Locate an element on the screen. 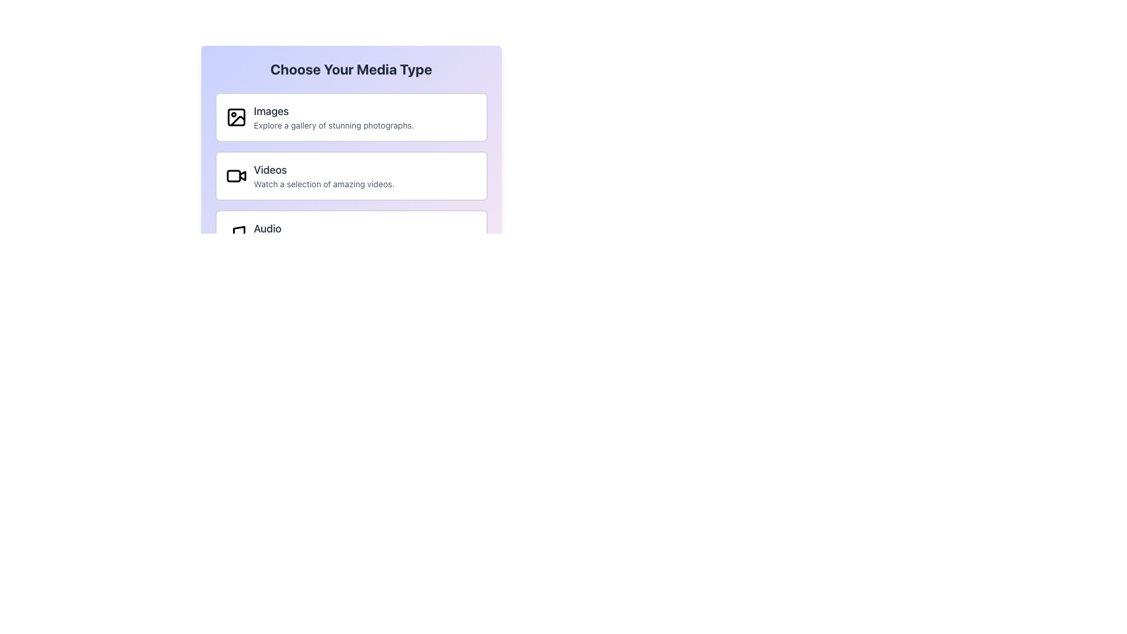 This screenshot has width=1127, height=634. the triangular play icon located within the 'Videos' option in the media type list, which is part of a video camera icon is located at coordinates (241, 176).